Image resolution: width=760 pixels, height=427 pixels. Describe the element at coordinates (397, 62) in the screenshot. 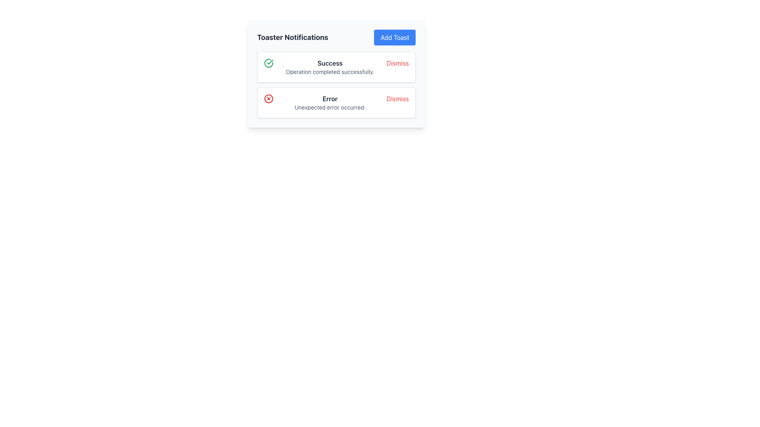

I see `the dismiss button located at the top-right corner of the success notification to observe a style change` at that location.